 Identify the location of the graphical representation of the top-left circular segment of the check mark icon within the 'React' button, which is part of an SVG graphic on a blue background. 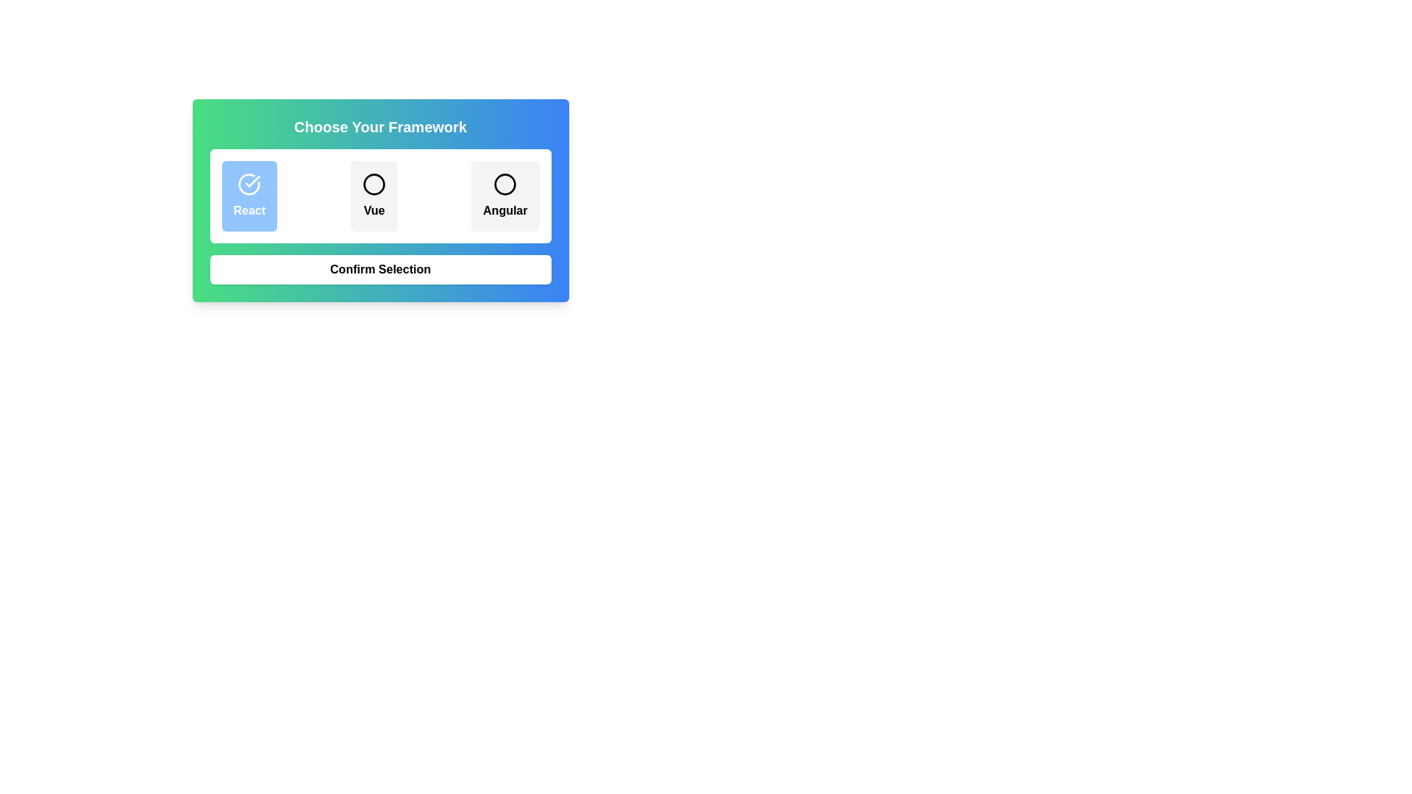
(249, 183).